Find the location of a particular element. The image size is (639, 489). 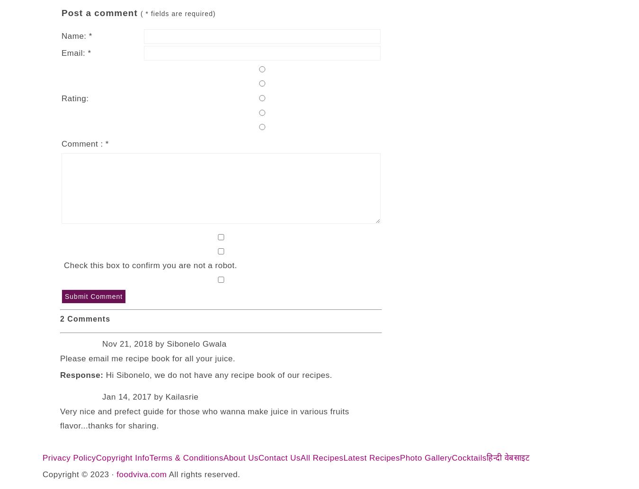

'Copyright © 2023 ·' is located at coordinates (79, 474).